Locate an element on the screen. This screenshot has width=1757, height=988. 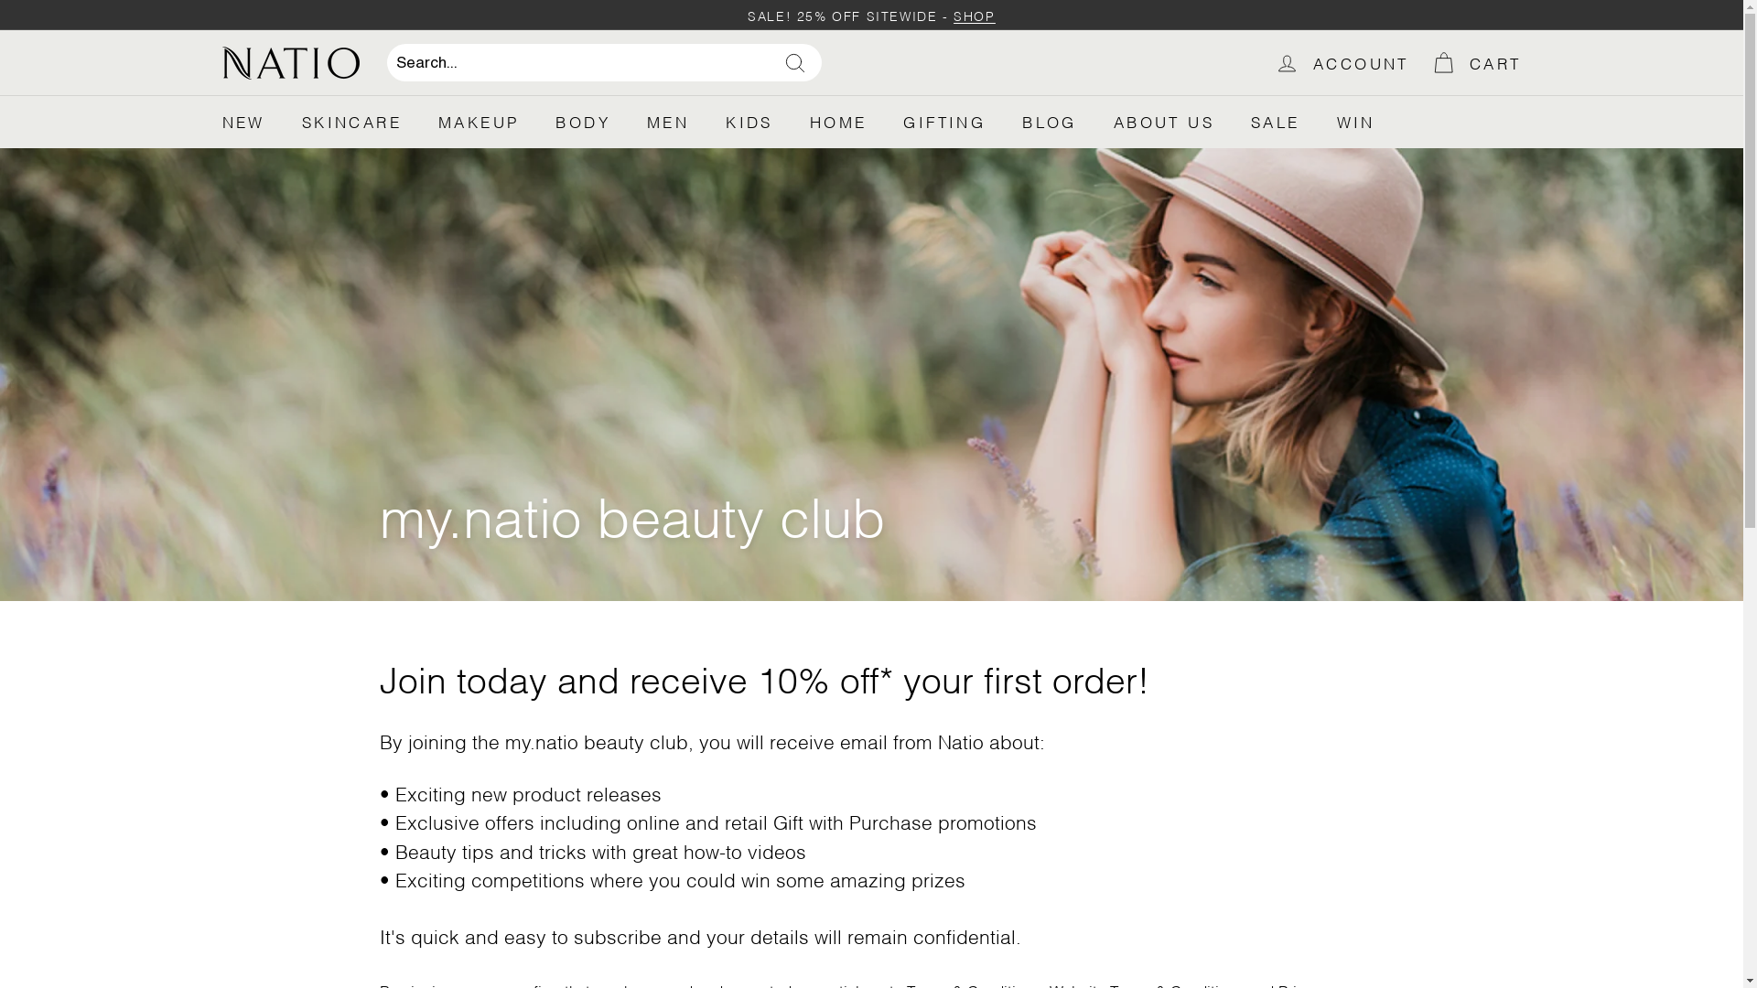
'NEW' is located at coordinates (242, 121).